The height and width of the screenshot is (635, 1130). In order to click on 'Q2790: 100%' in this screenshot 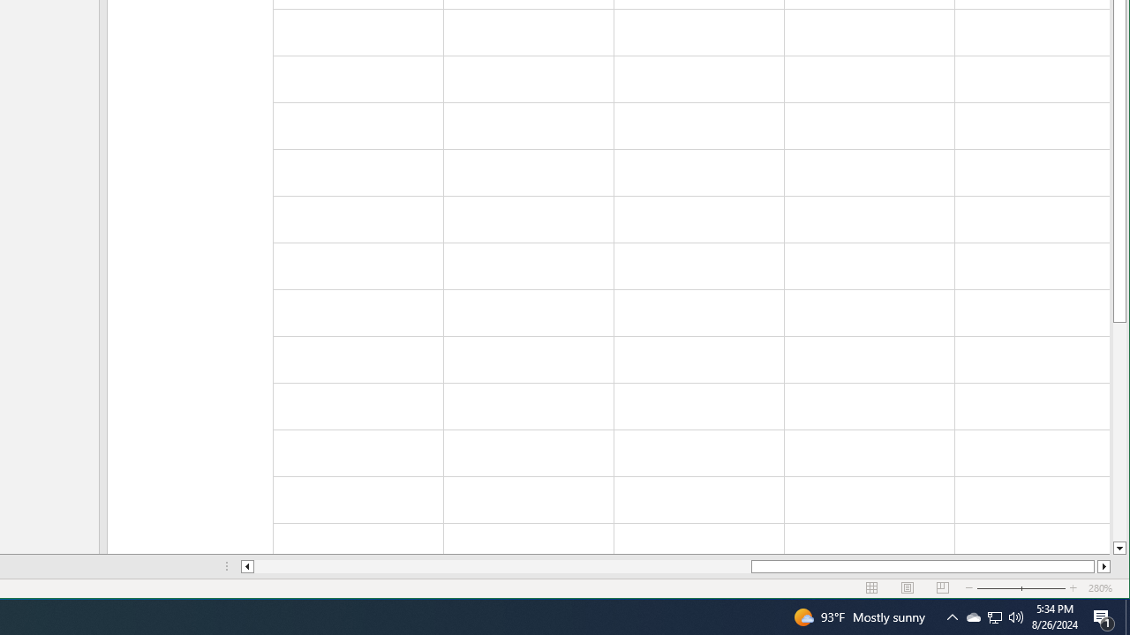, I will do `click(995, 616)`.